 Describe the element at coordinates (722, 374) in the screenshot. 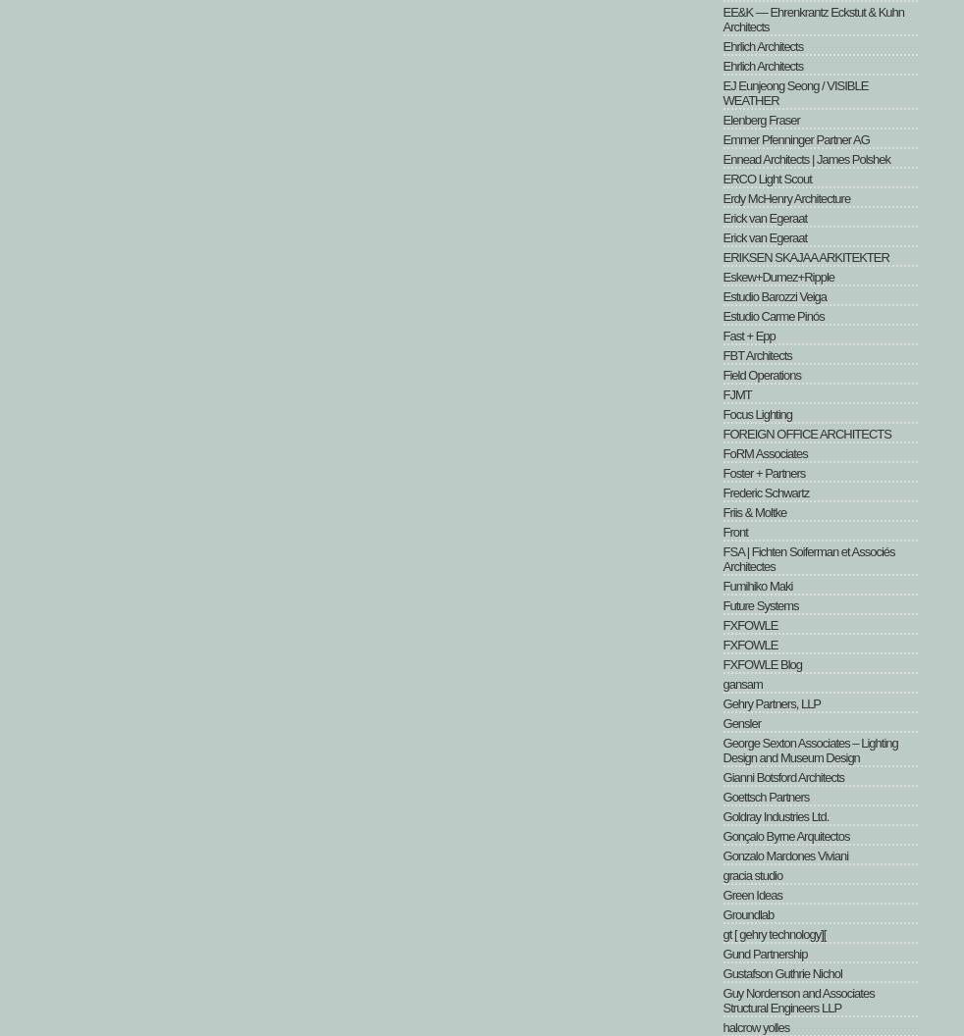

I see `'Field Operations'` at that location.